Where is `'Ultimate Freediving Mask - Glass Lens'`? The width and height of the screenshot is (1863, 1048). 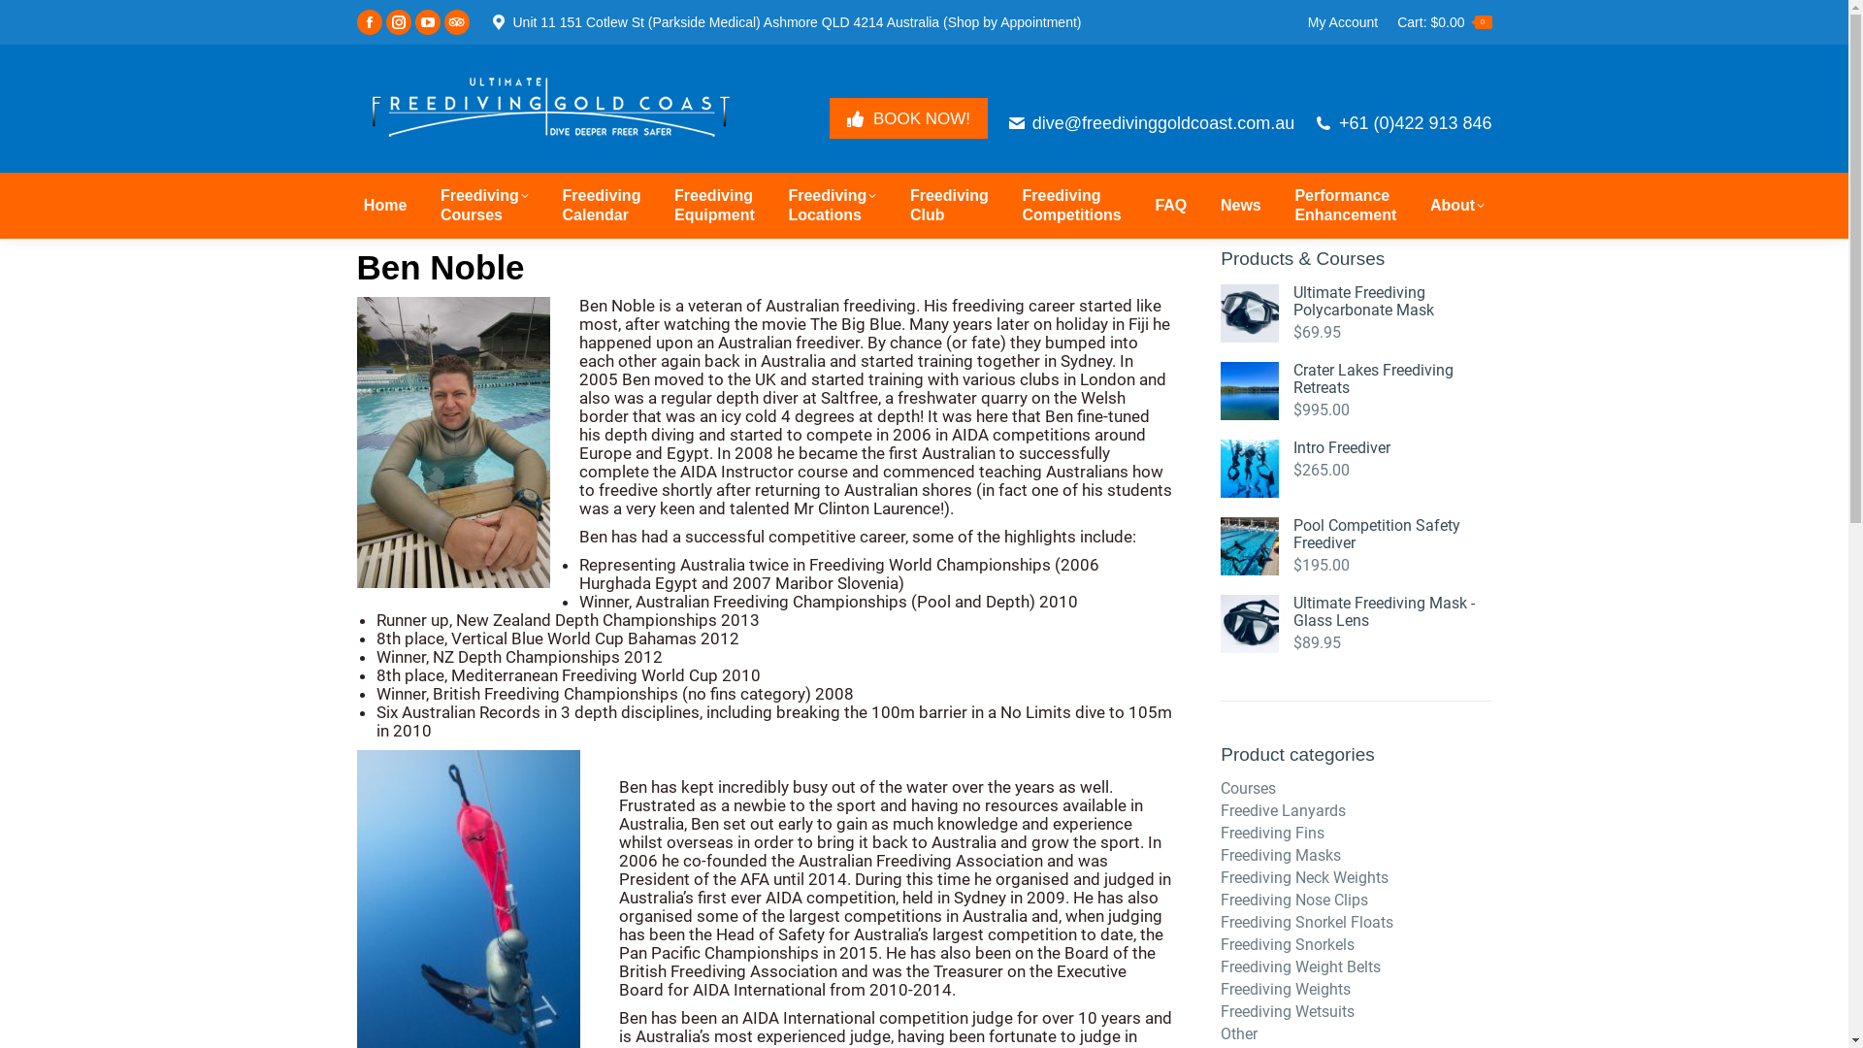
'Ultimate Freediving Mask - Glass Lens' is located at coordinates (1391, 612).